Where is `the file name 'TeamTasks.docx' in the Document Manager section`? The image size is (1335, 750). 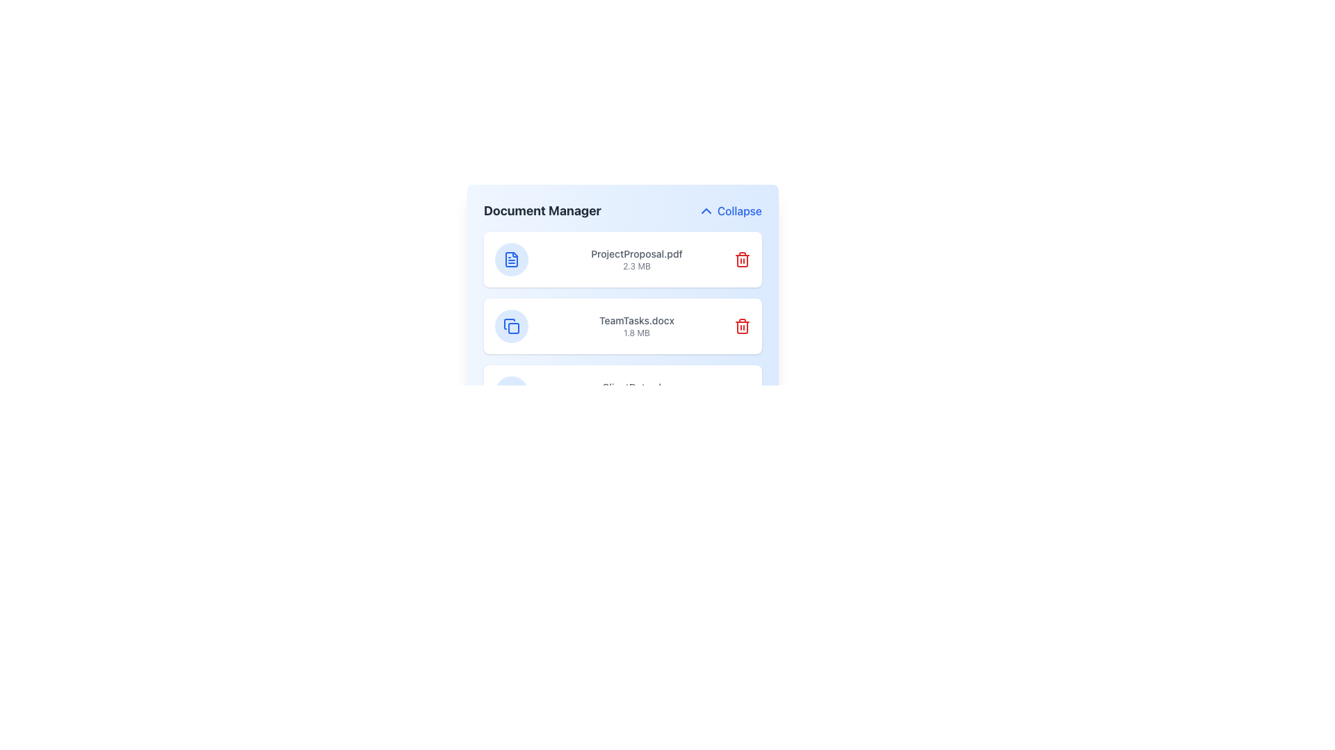
the file name 'TeamTasks.docx' in the Document Manager section is located at coordinates (622, 326).